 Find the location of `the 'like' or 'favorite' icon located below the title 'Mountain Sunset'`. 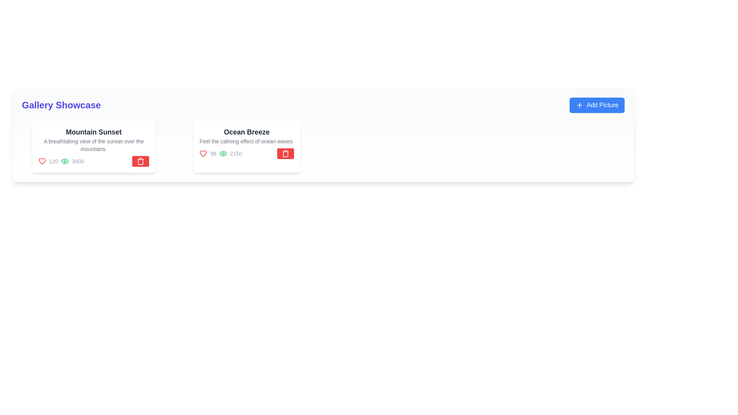

the 'like' or 'favorite' icon located below the title 'Mountain Sunset' is located at coordinates (42, 161).